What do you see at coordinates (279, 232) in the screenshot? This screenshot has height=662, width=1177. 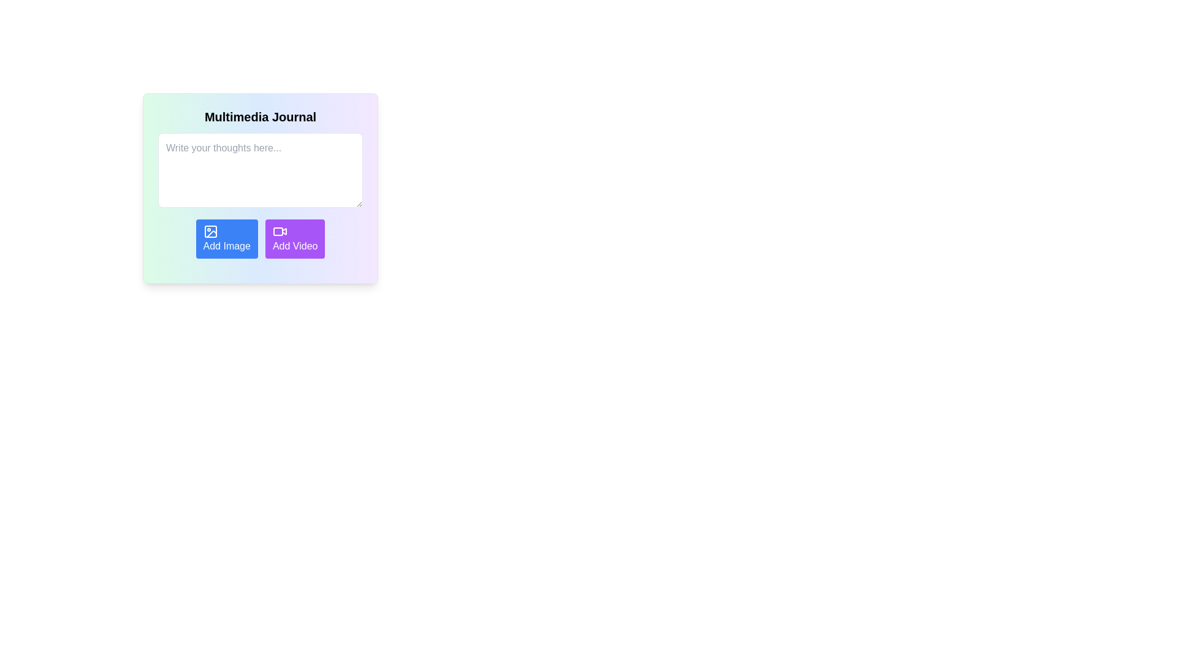 I see `the purple 'Add Video' button that contains the minimalistic video icon` at bounding box center [279, 232].